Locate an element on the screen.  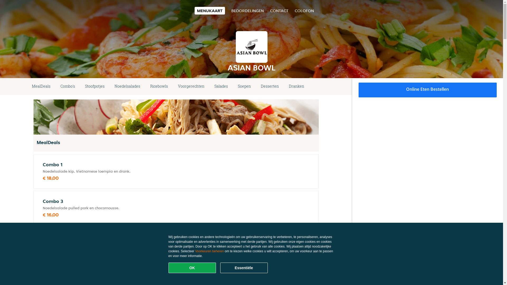
'Ricebowls' is located at coordinates (159, 86).